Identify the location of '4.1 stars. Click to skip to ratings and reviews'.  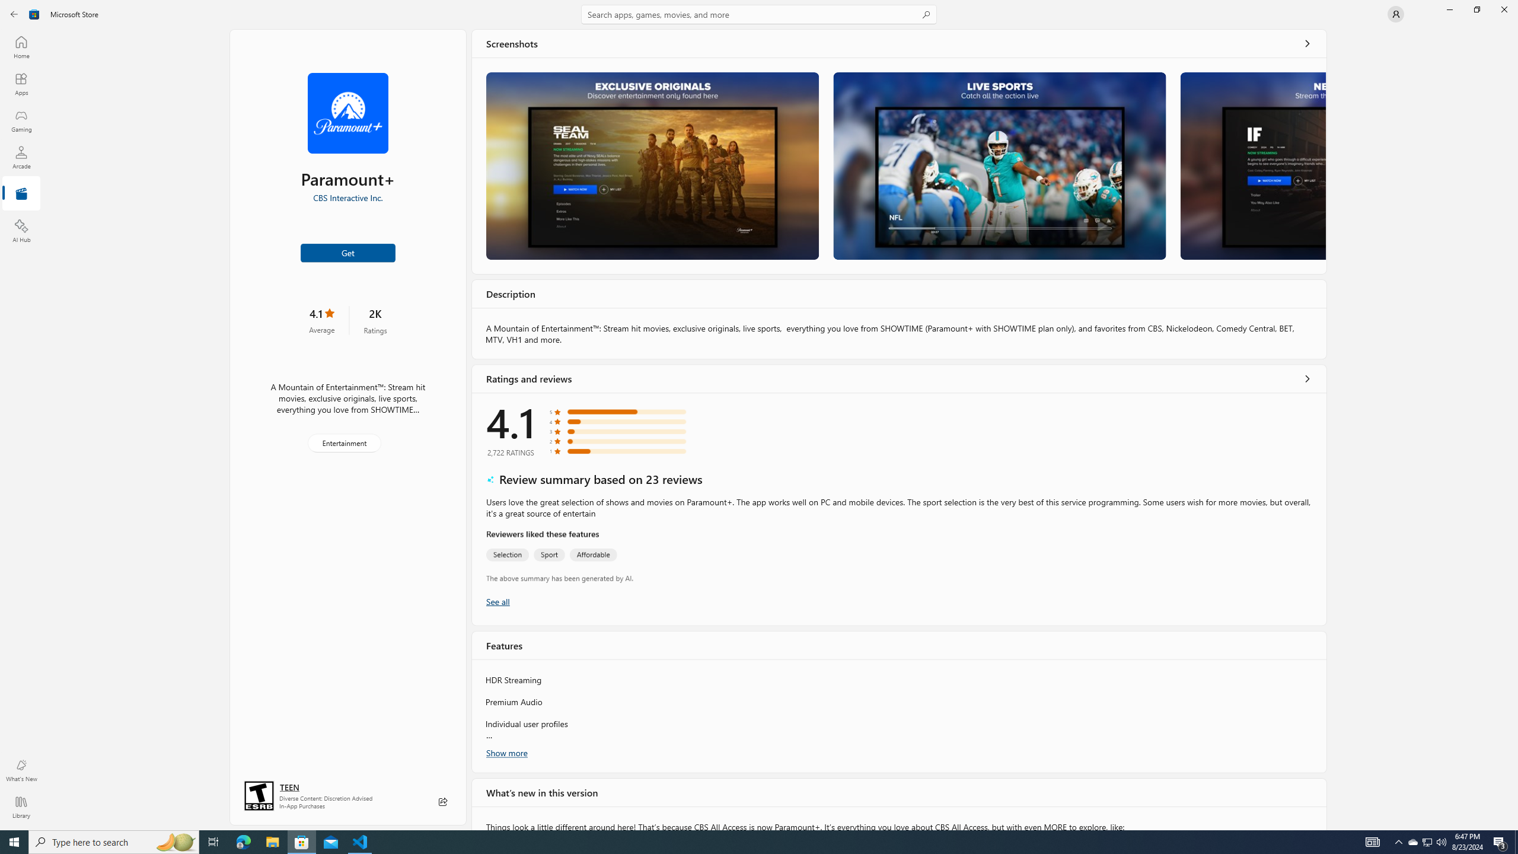
(321, 320).